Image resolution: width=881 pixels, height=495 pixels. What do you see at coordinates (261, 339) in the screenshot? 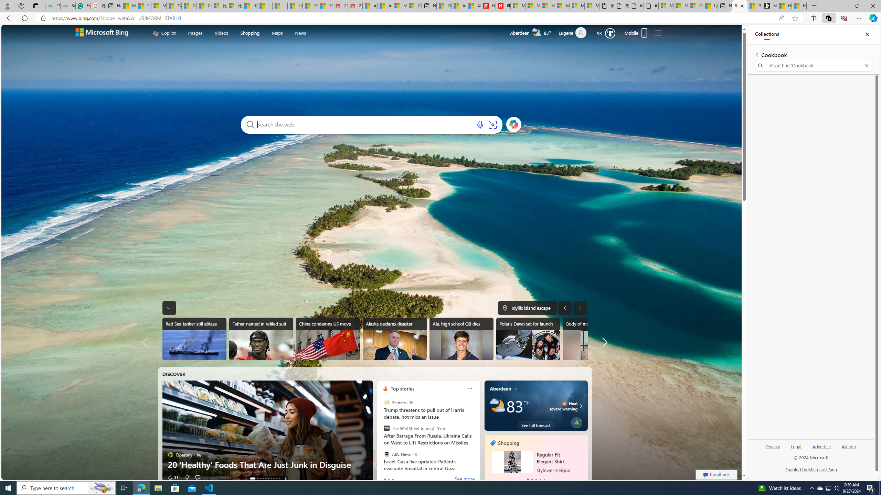
I see `'Father named in refiled suit'` at bounding box center [261, 339].